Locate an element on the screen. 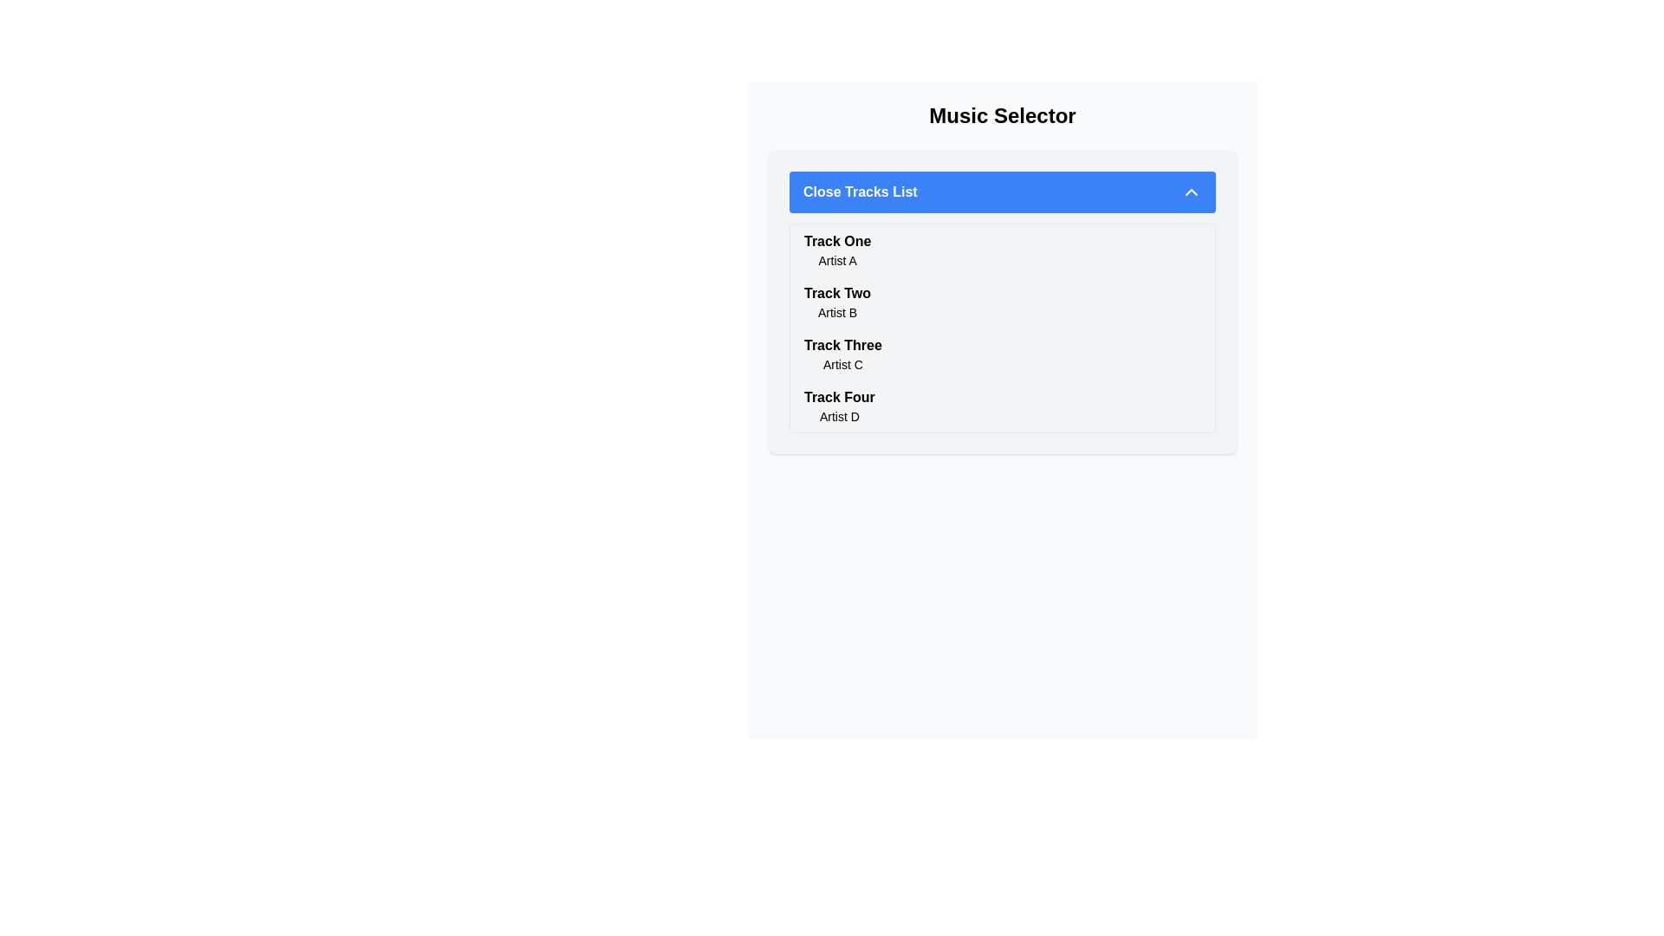 This screenshot has width=1664, height=936. or highlight the text element displaying 'Track Two', which is the title for the second track in the list, located above 'Artist B' and below 'Track One' is located at coordinates (837, 293).